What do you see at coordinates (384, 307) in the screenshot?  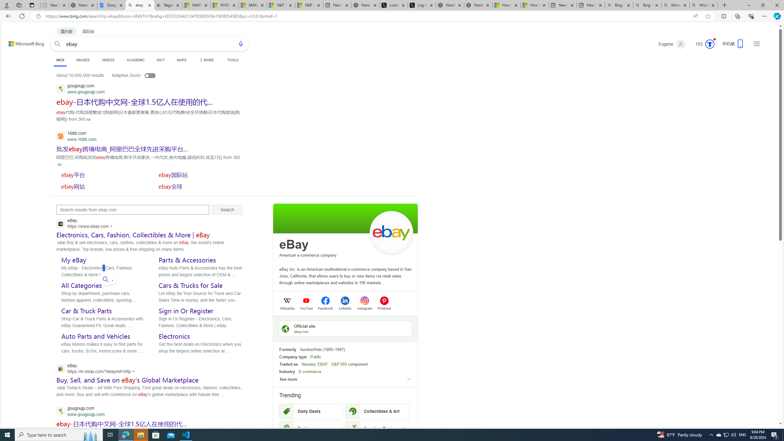 I see `'Pinterest'` at bounding box center [384, 307].